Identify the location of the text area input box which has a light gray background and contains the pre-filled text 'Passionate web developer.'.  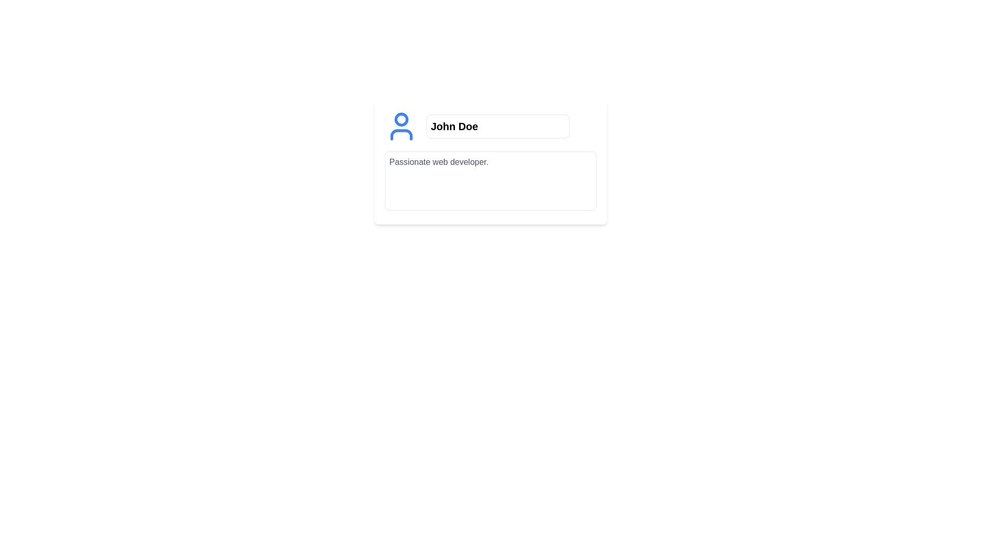
(490, 180).